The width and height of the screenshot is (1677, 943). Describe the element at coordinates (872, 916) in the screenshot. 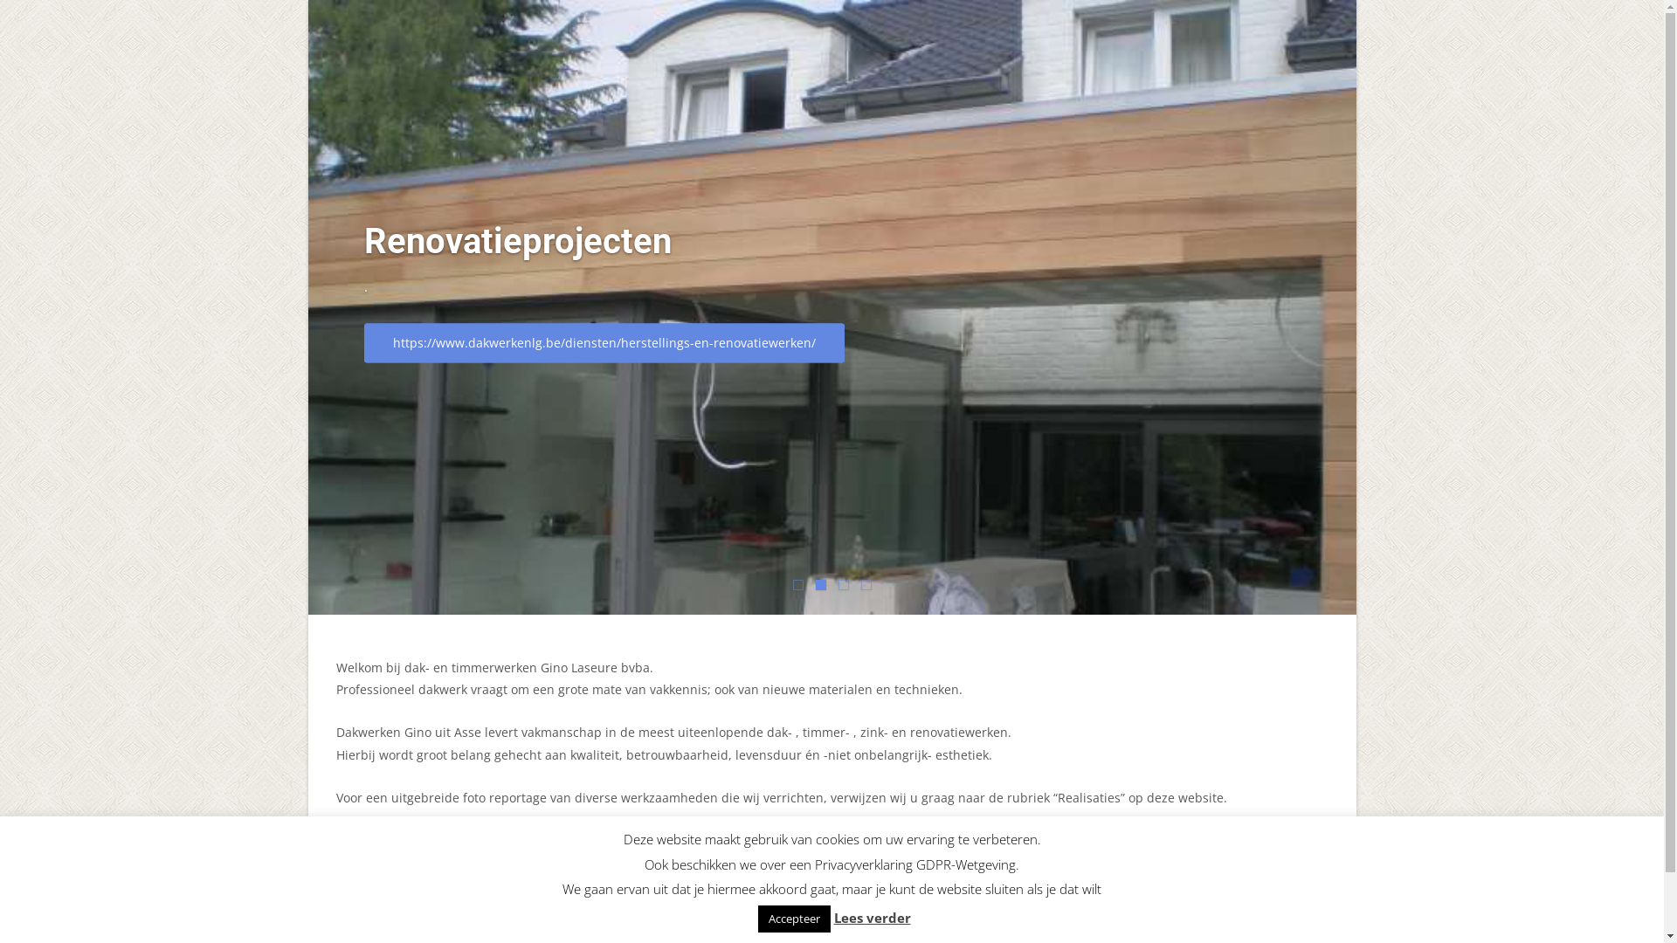

I see `'Lees verder'` at that location.